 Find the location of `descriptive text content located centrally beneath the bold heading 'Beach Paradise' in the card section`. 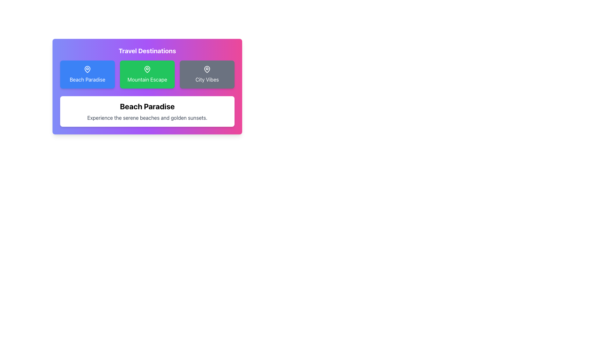

descriptive text content located centrally beneath the bold heading 'Beach Paradise' in the card section is located at coordinates (147, 118).